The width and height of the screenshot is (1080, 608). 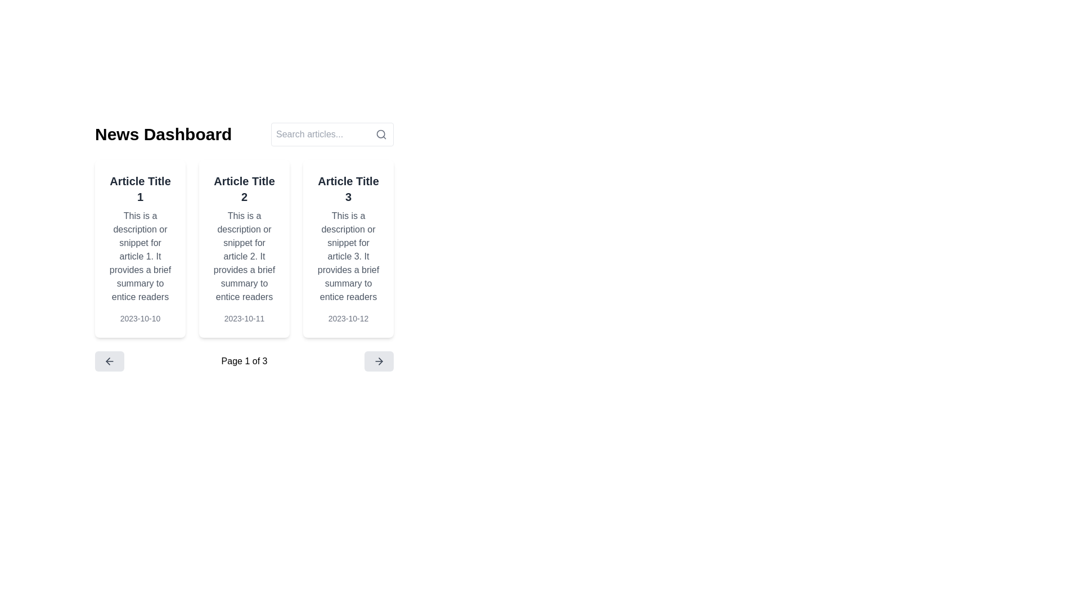 I want to click on the card element styled with a white background and rounded corners, containing the title 'Article Title 3', located at the far-right in the grid layout, so click(x=348, y=248).